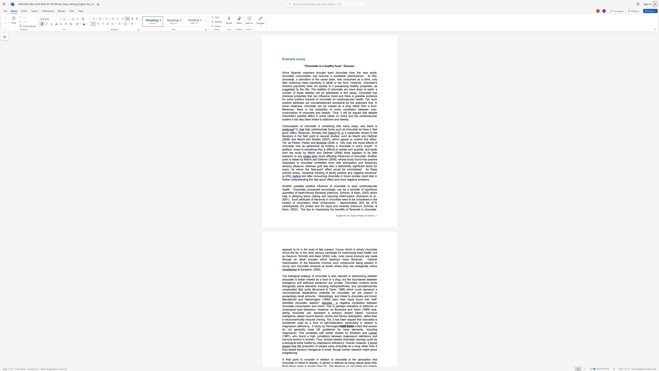 Image resolution: width=659 pixels, height=371 pixels. I want to click on the subset text "ater achievin" within the text "At first, chocolate, a derivative of the cacao bean, was consumed as a drink, only later achieving mass popularity in tablet or bar form. However, chocolate’s inherent popularity does not equate to it", so click(283, 82).